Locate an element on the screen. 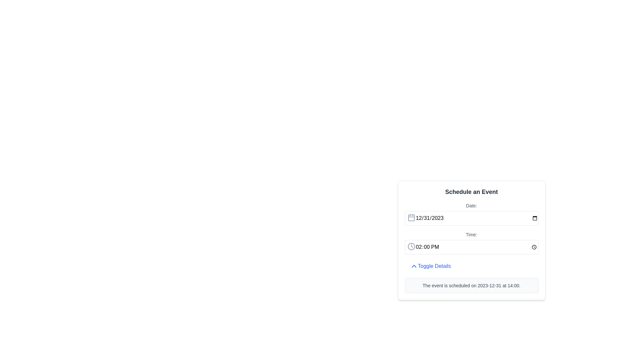  the Time input field located below the 'Date' input field and within the 'Time:' section is located at coordinates (471, 247).